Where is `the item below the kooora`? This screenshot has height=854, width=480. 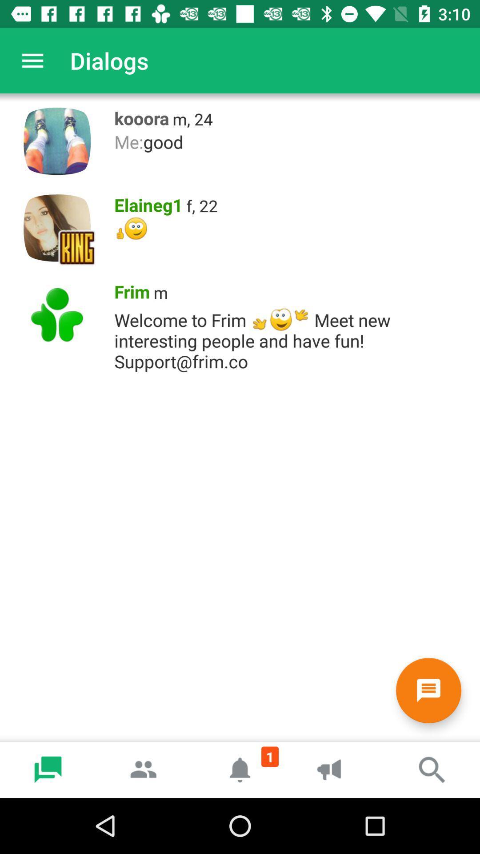 the item below the kooora is located at coordinates (292, 141).